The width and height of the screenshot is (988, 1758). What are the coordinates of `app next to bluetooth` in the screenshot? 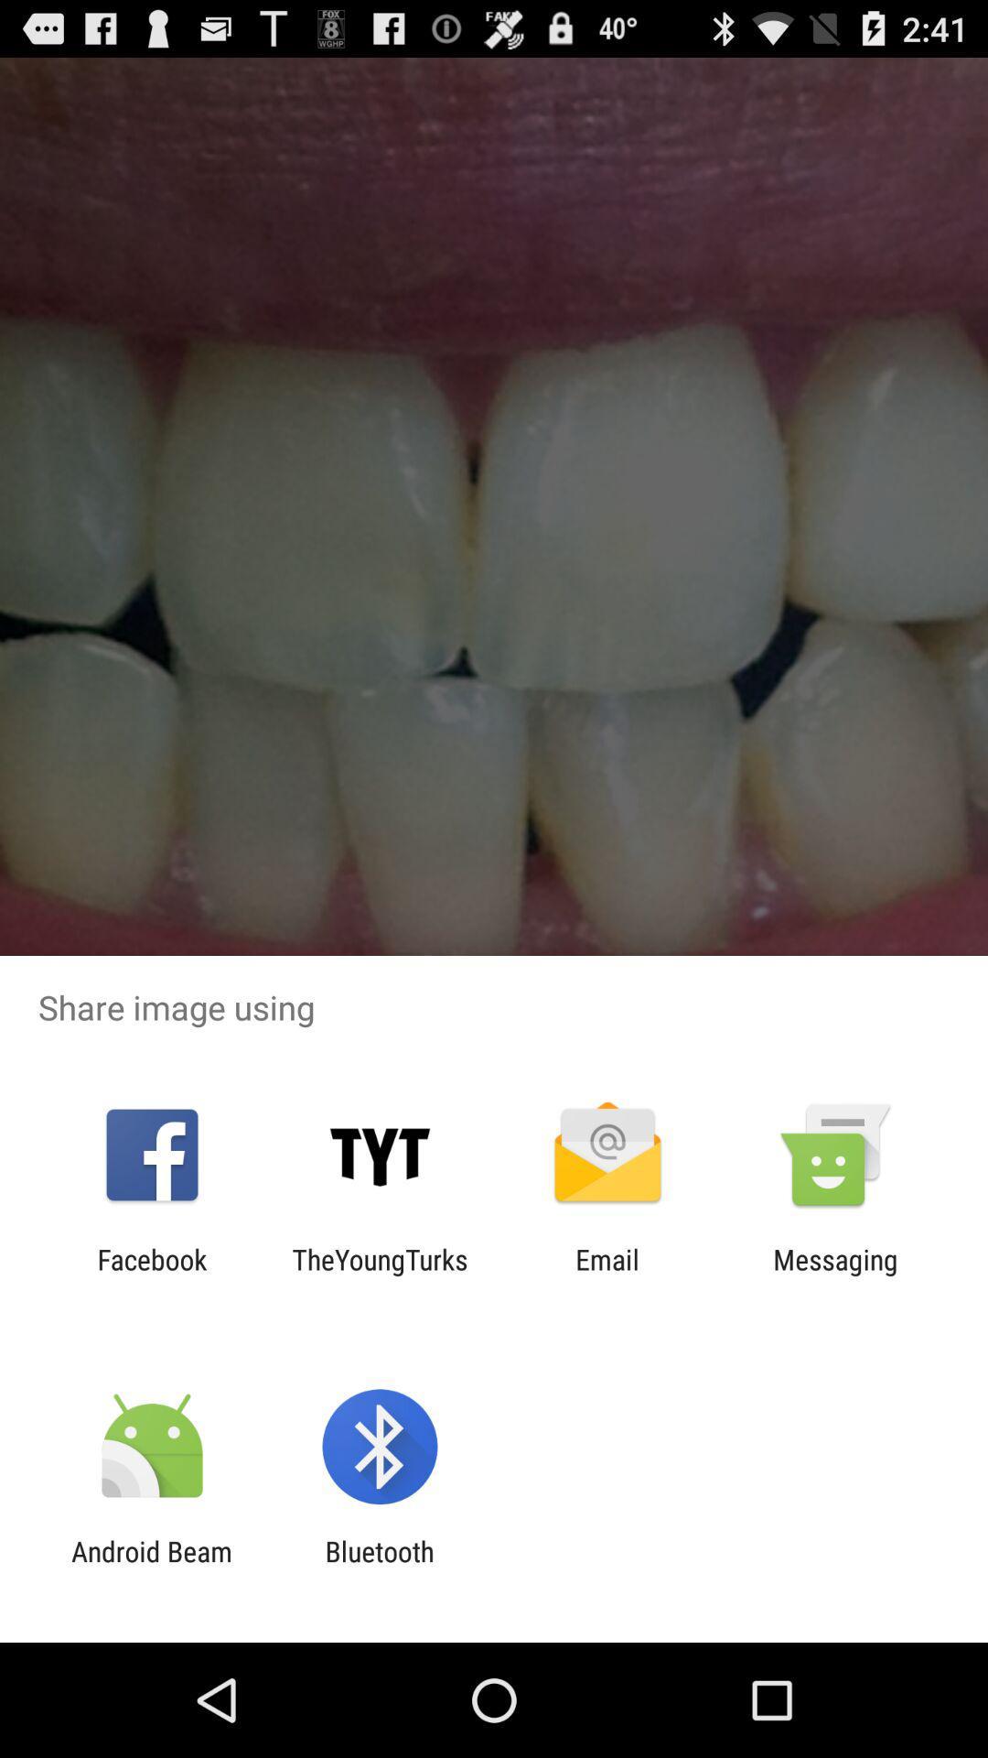 It's located at (151, 1567).